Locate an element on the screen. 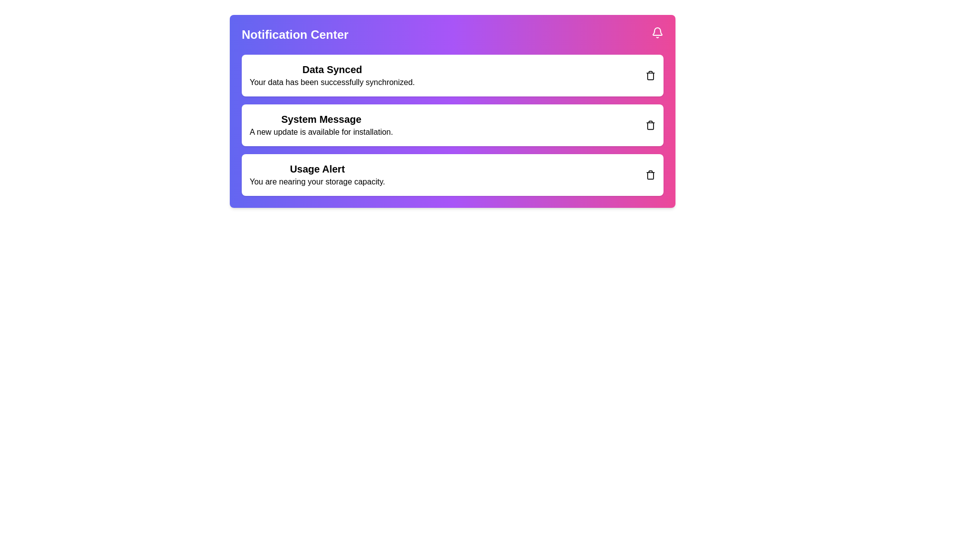  the text display that states 'You are nearing your storage capacity.' which is located below the 'Usage Alert' heading in the notification card is located at coordinates (317, 182).